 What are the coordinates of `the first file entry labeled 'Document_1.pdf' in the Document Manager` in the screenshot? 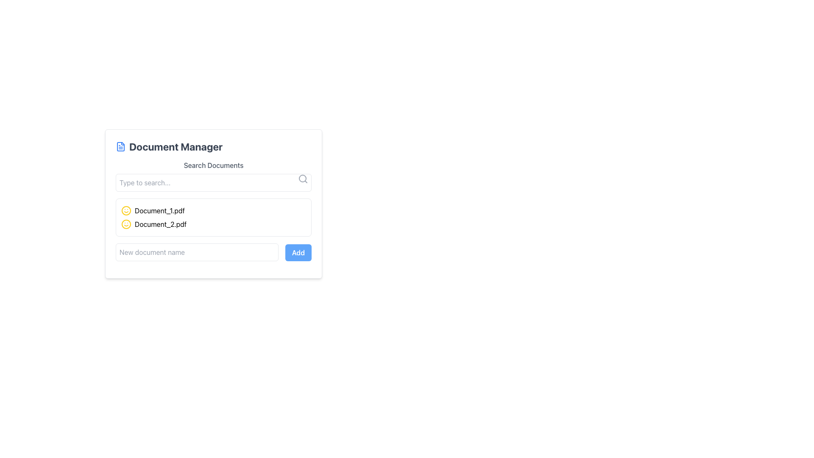 It's located at (214, 210).